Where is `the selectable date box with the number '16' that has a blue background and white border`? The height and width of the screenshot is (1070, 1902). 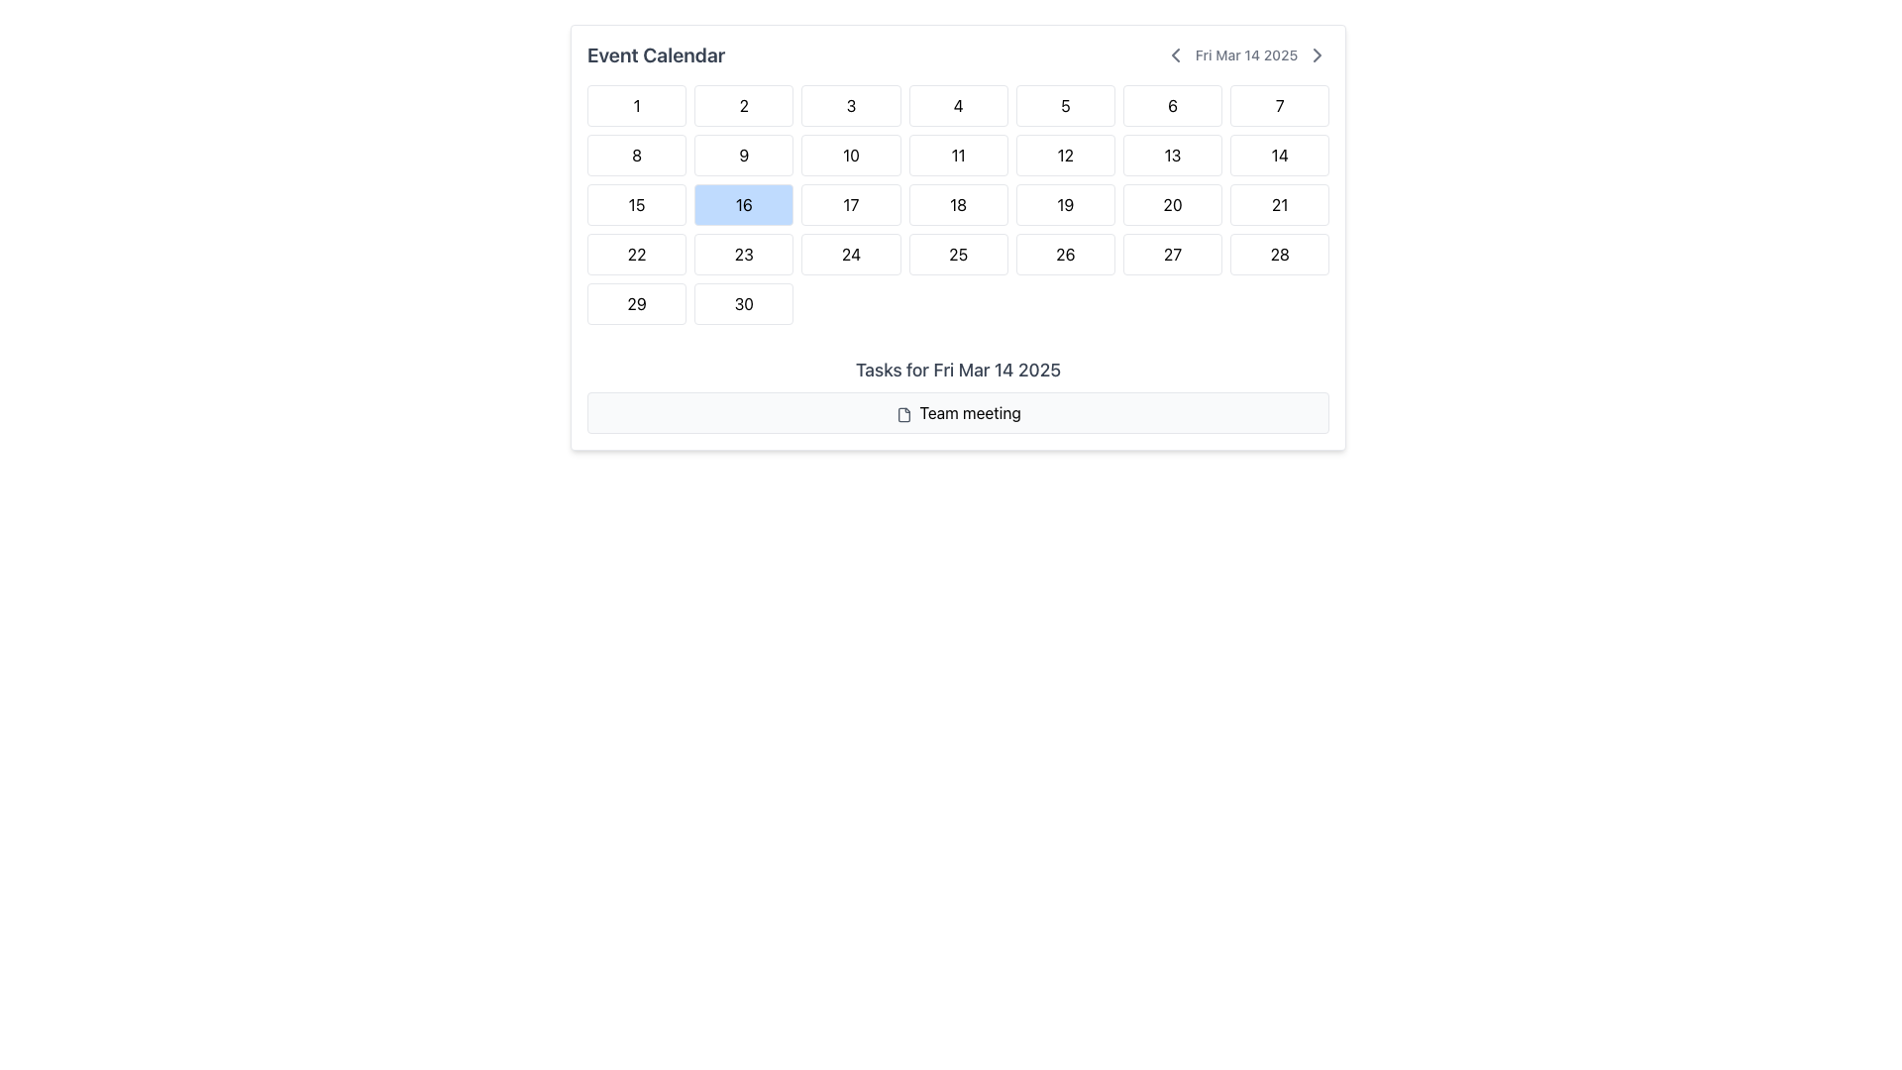
the selectable date box with the number '16' that has a blue background and white border is located at coordinates (743, 205).